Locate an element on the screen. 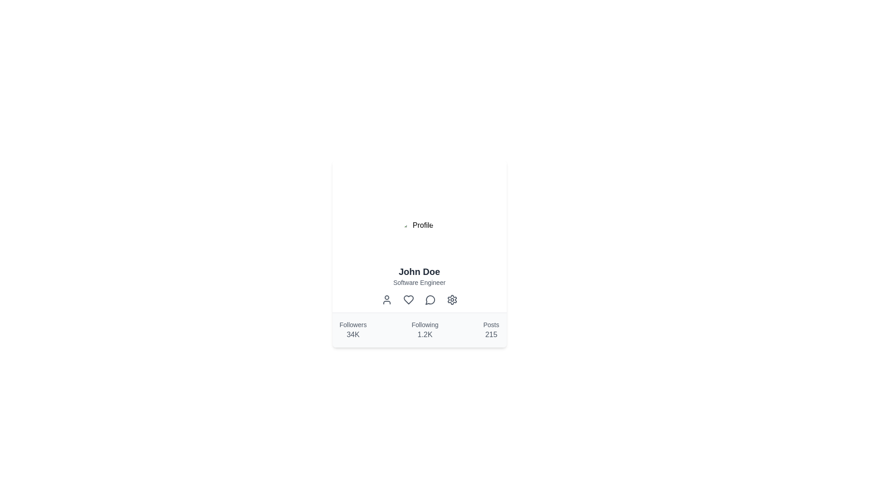  the Text label that indicates the number of entities the user follows, located centrally in the lower part of the card-like interface is located at coordinates (424, 324).